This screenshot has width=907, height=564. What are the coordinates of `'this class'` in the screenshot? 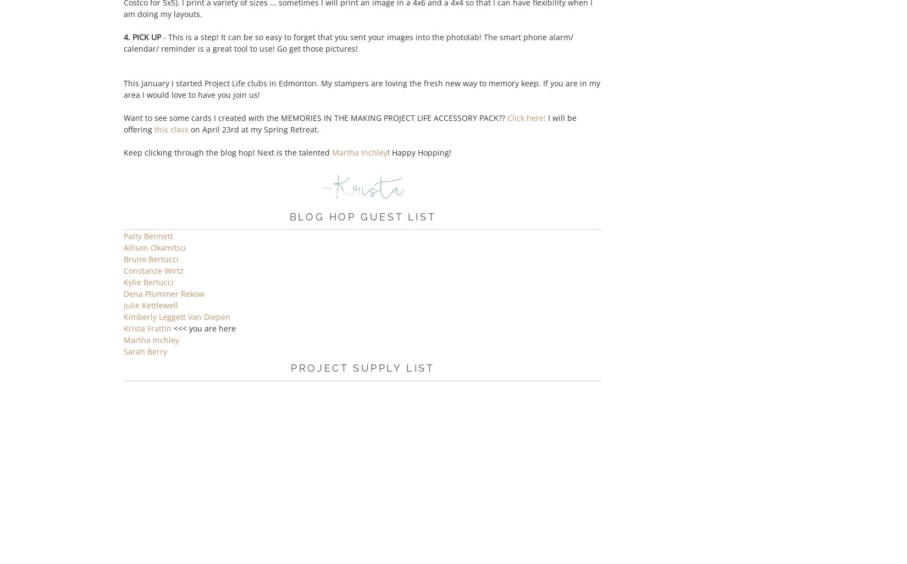 It's located at (154, 129).